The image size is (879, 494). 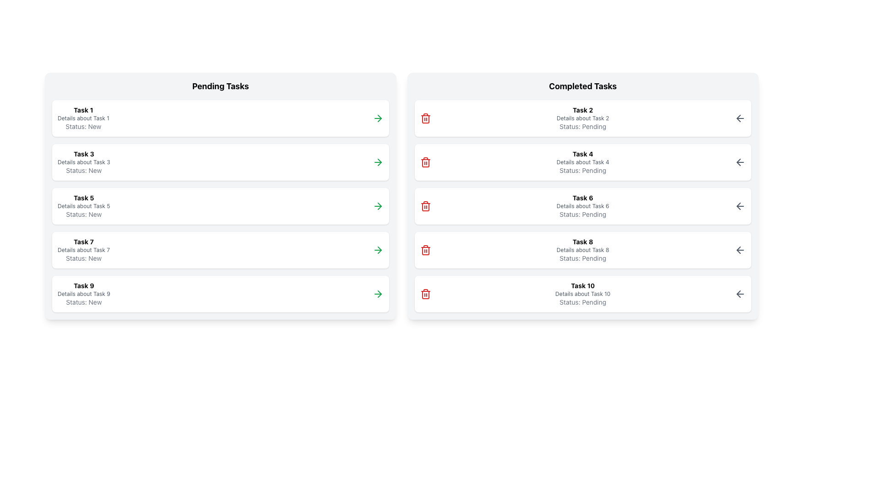 What do you see at coordinates (738, 161) in the screenshot?
I see `the leftward arrow SVG icon located in the 'Completed Tasks' column of 'Task 4' card` at bounding box center [738, 161].